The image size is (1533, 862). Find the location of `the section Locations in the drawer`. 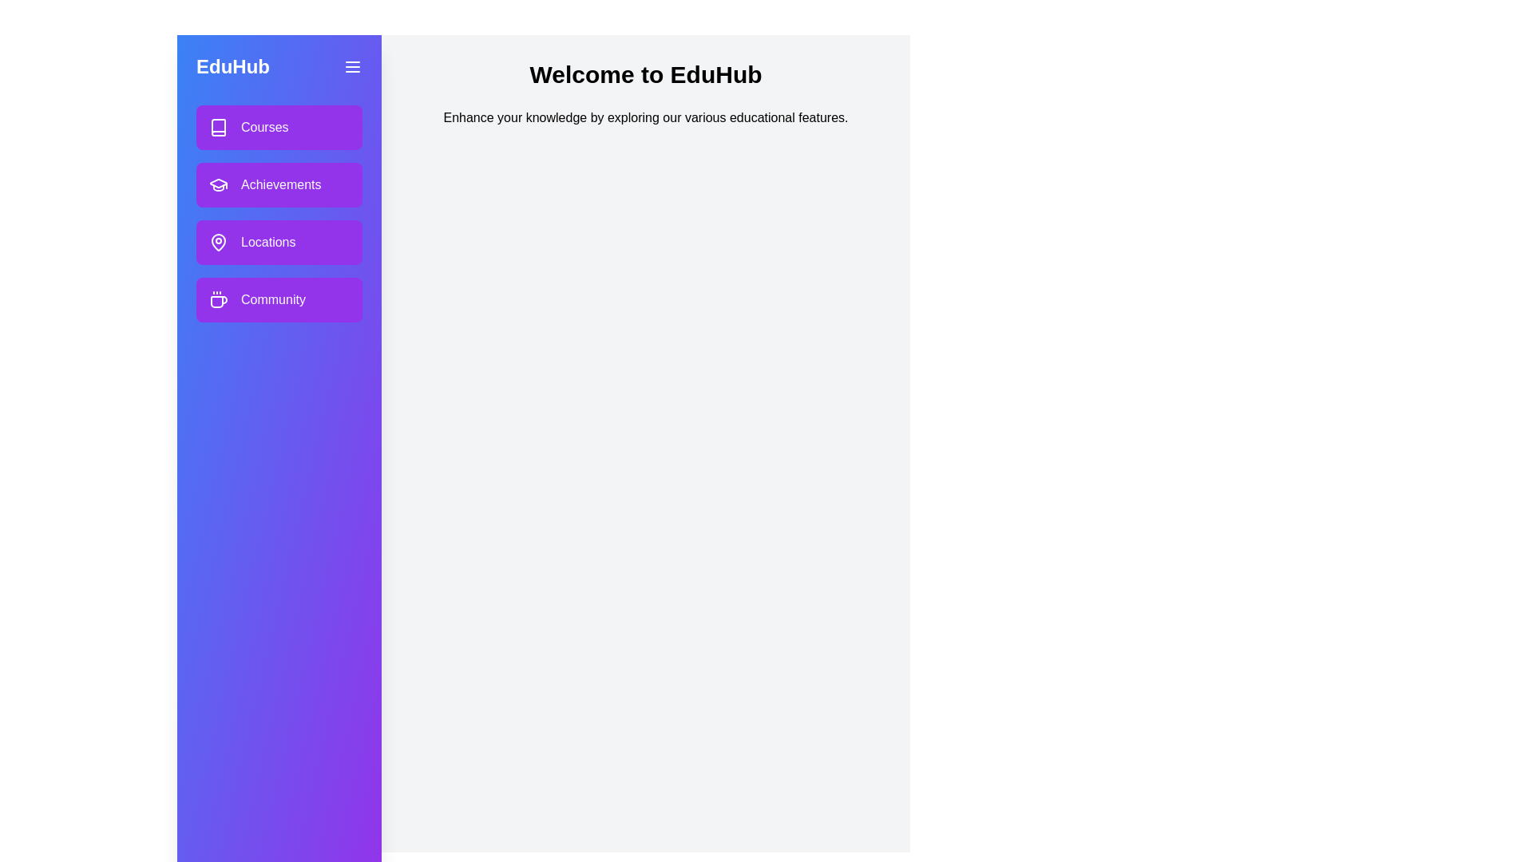

the section Locations in the drawer is located at coordinates (279, 243).